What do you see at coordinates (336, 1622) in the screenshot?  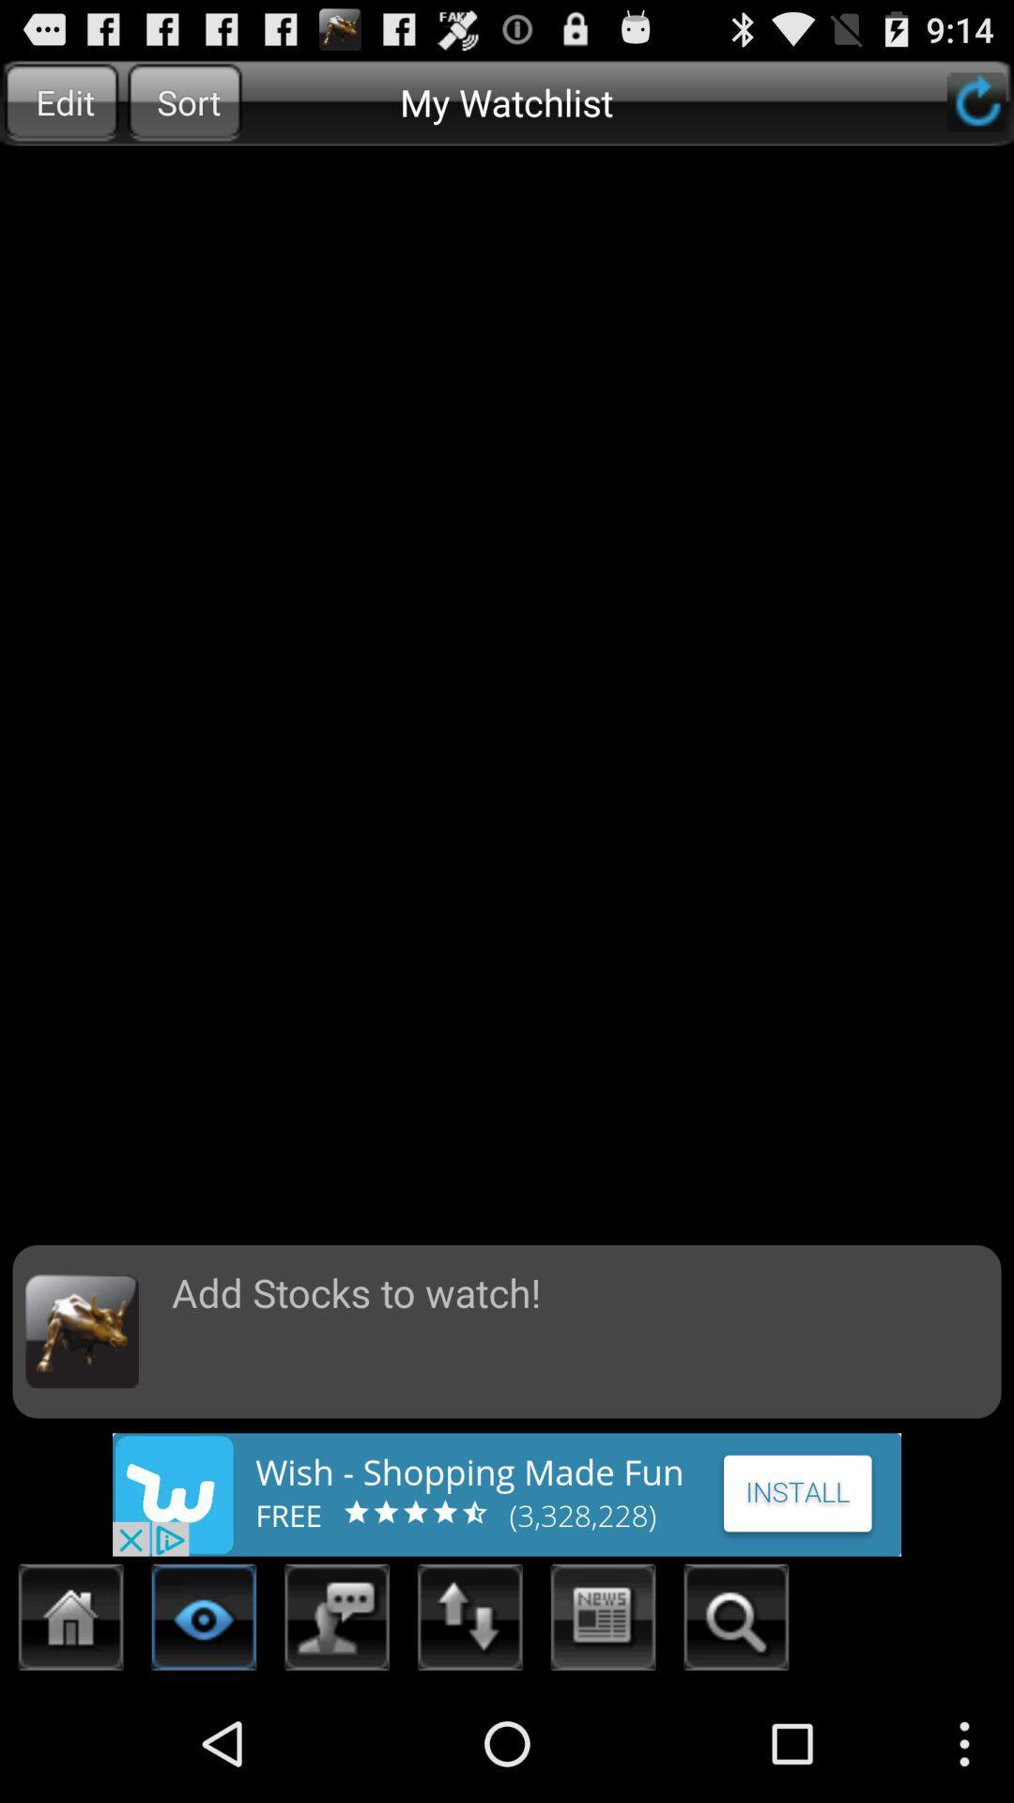 I see `comment` at bounding box center [336, 1622].